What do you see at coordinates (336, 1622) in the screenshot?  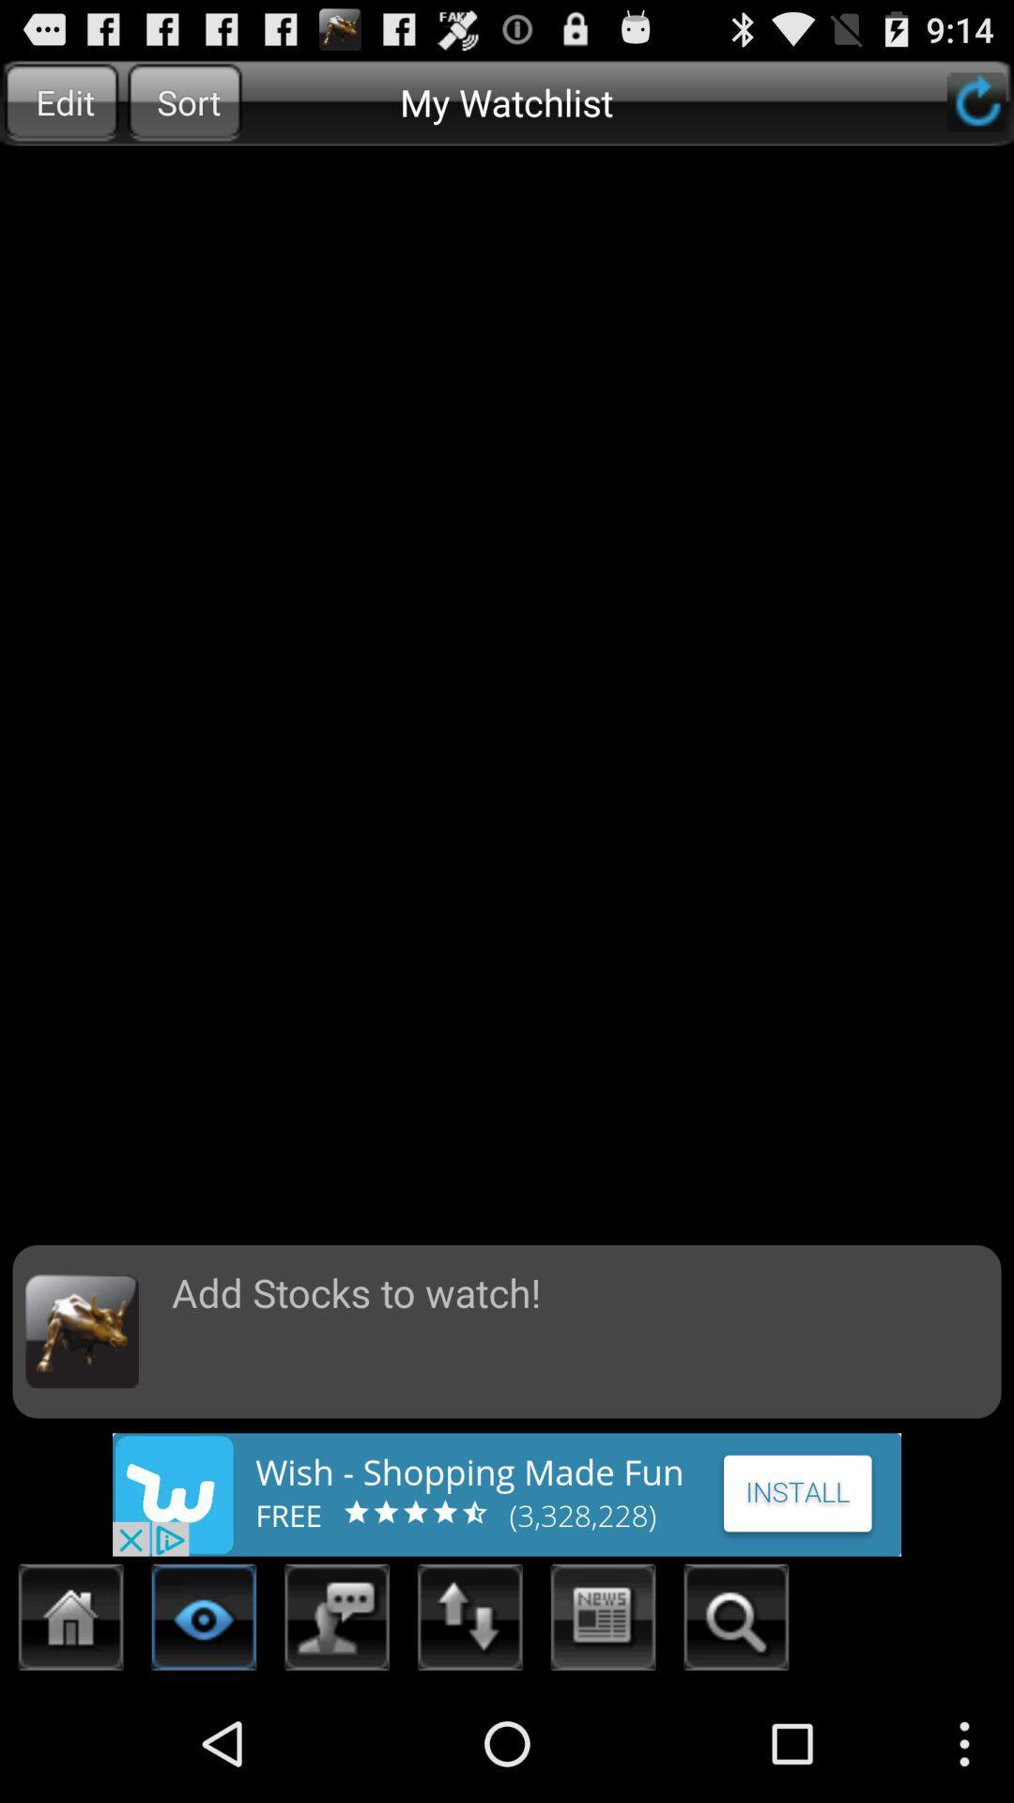 I see `comment` at bounding box center [336, 1622].